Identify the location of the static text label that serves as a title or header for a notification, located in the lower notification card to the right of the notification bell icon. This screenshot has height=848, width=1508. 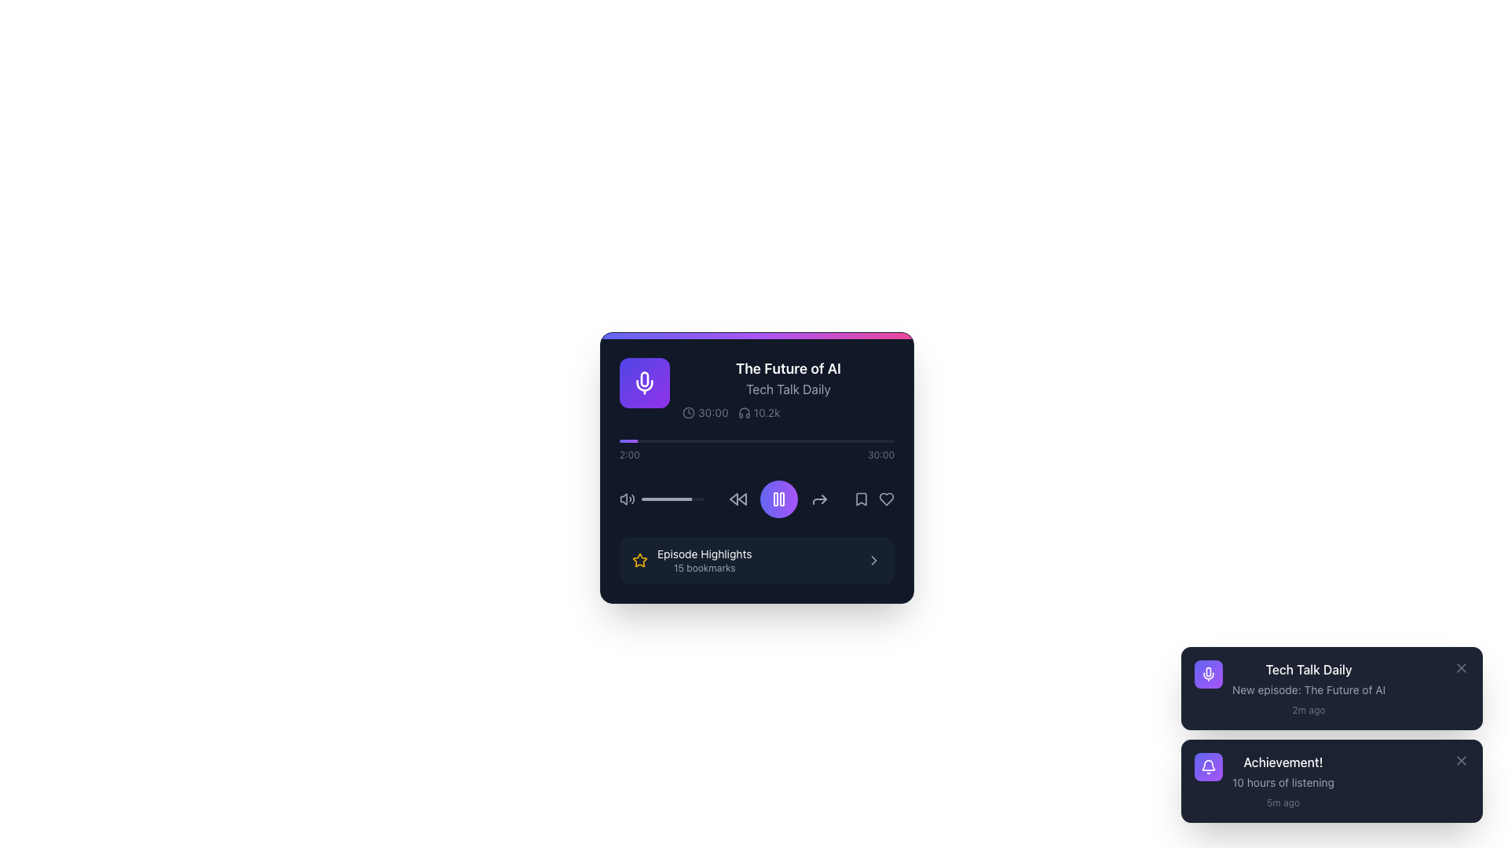
(1283, 762).